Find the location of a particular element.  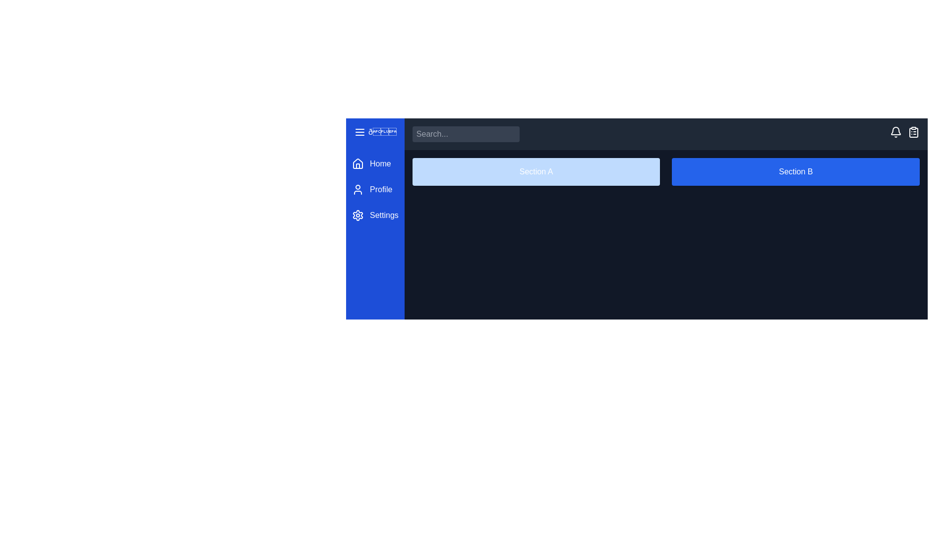

the bell icon located near the top-right corner of the interface is located at coordinates (895, 131).